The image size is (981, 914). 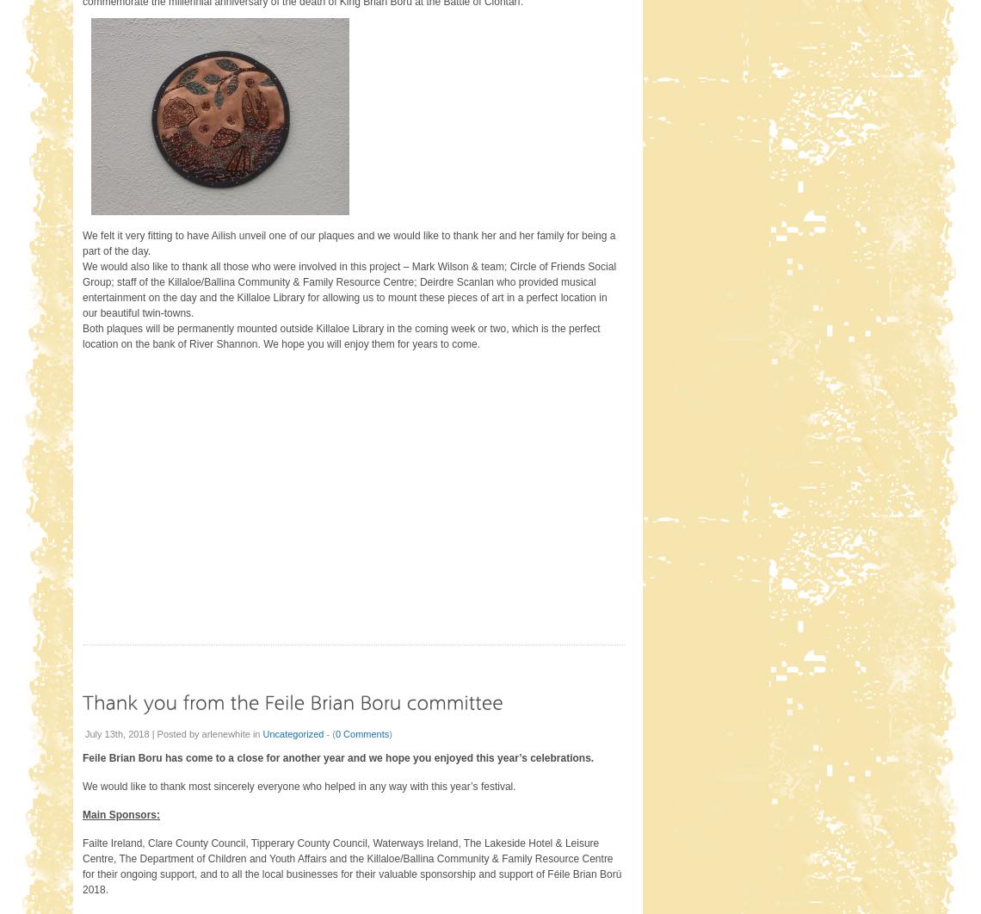 I want to click on 'We would also like to thank all those who were involved in this project – Mark Wilson & team; Circle of Friends Social Group; staff of the Killaloe/Ballina Community & Family Resource Centre; Deirdre Scanlan who provided musical entertainment on the day and the Killaloe Library for allowing us to mount these pieces of art in a perfect location in our beautiful twin-towns.', so click(x=348, y=288).